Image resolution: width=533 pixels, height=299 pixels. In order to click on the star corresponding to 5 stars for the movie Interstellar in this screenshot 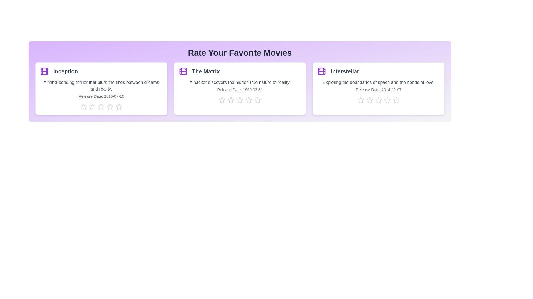, I will do `click(396, 100)`.